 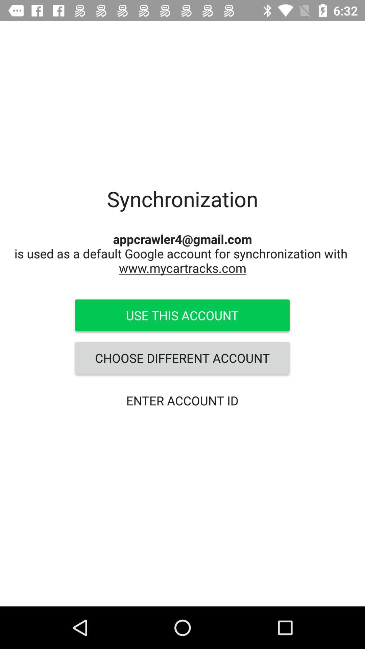 What do you see at coordinates (182, 358) in the screenshot?
I see `icon above the enter account id icon` at bounding box center [182, 358].